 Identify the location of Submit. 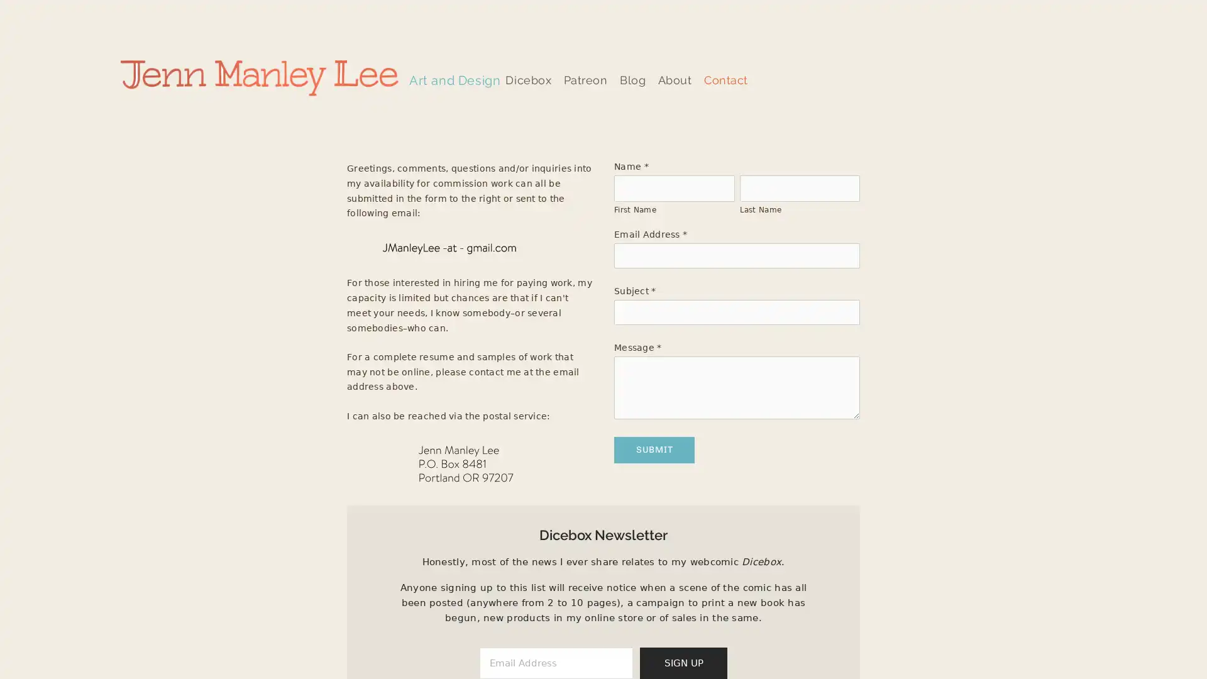
(654, 448).